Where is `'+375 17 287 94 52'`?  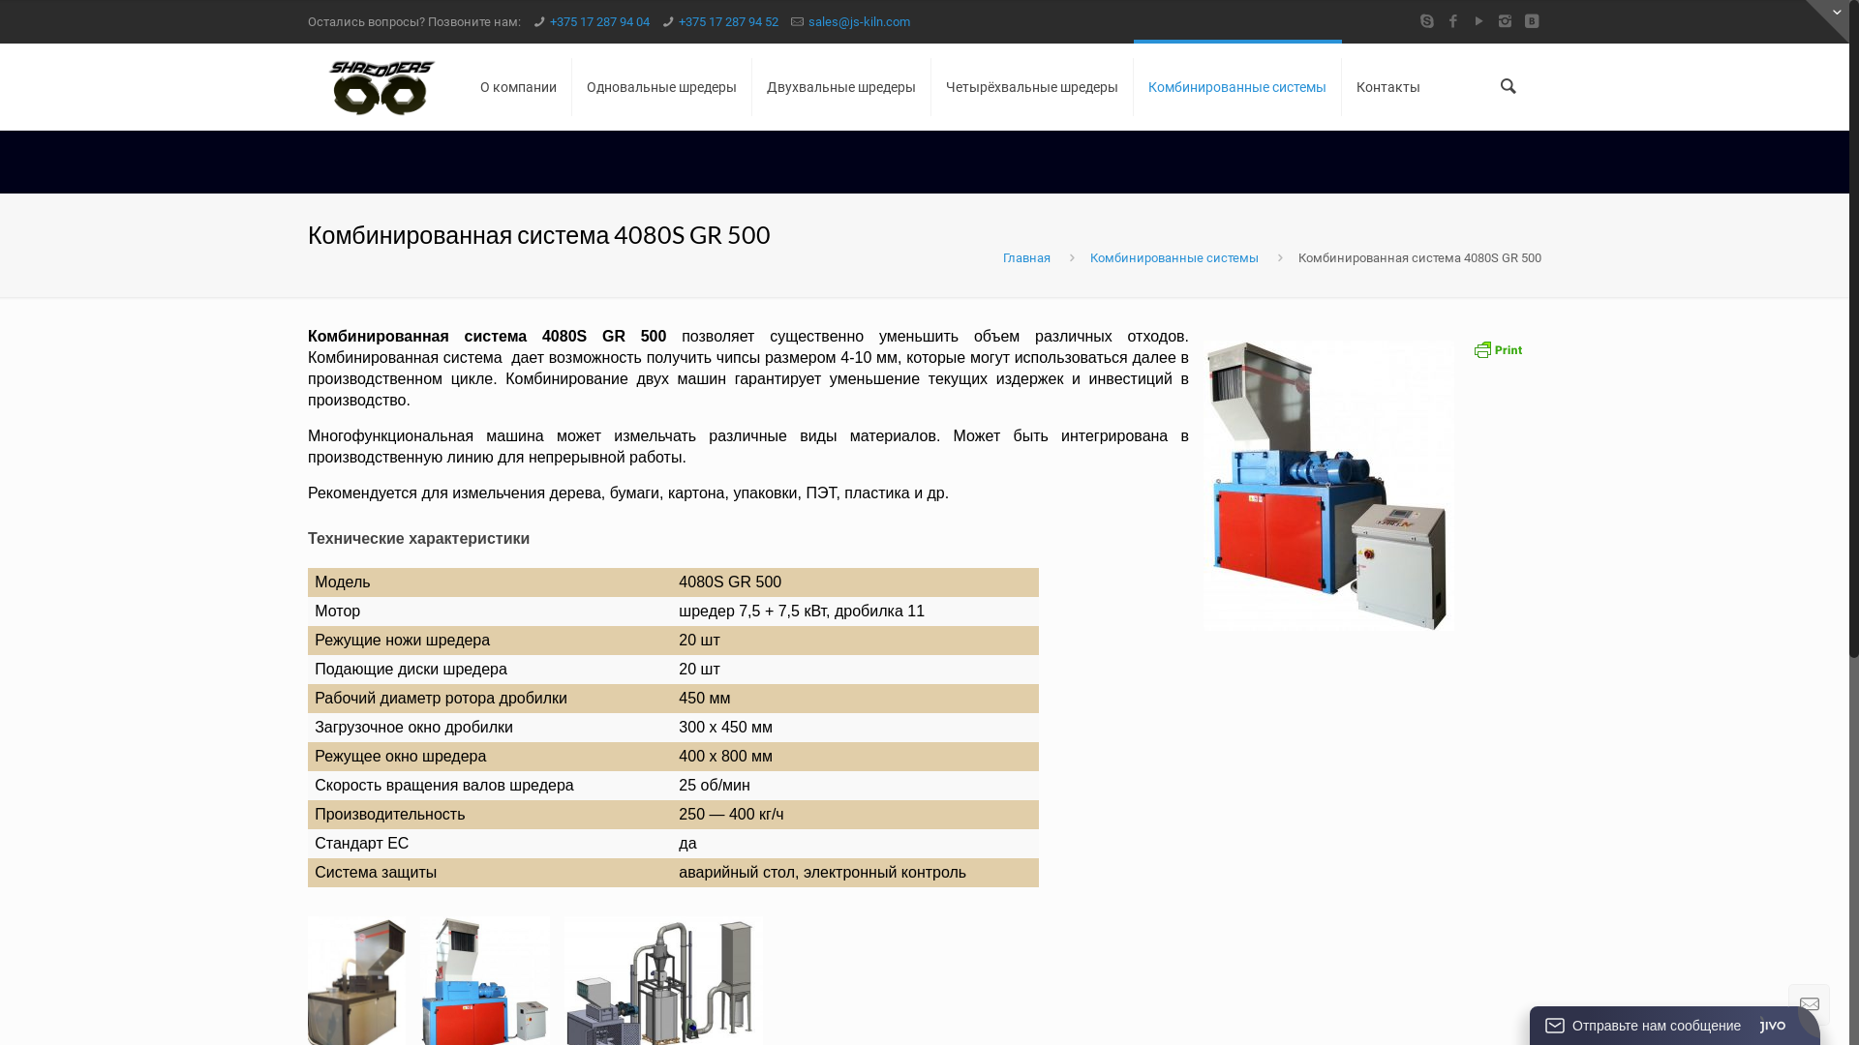
'+375 17 287 94 52' is located at coordinates (727, 21).